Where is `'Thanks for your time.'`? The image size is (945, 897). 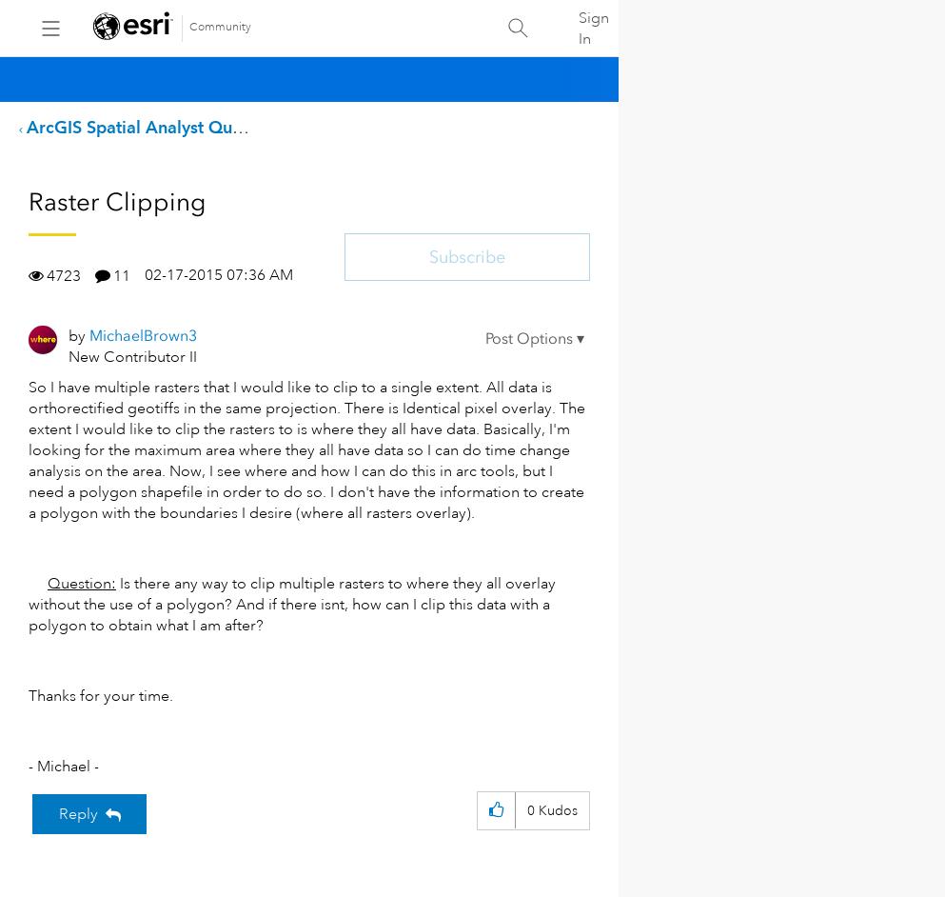
'Thanks for your time.' is located at coordinates (27, 693).